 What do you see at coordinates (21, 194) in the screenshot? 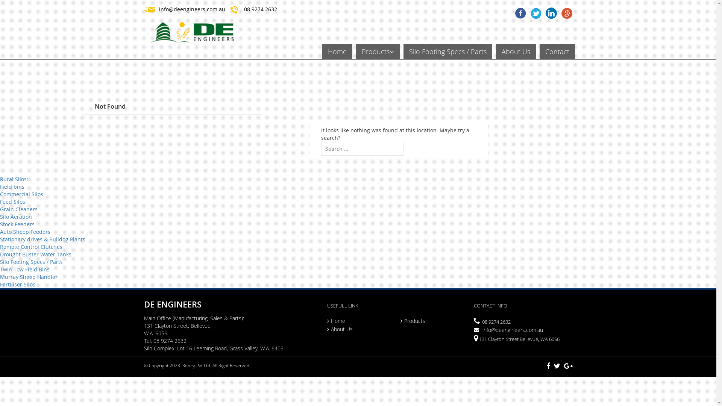
I see `'Commercial Silos'` at bounding box center [21, 194].